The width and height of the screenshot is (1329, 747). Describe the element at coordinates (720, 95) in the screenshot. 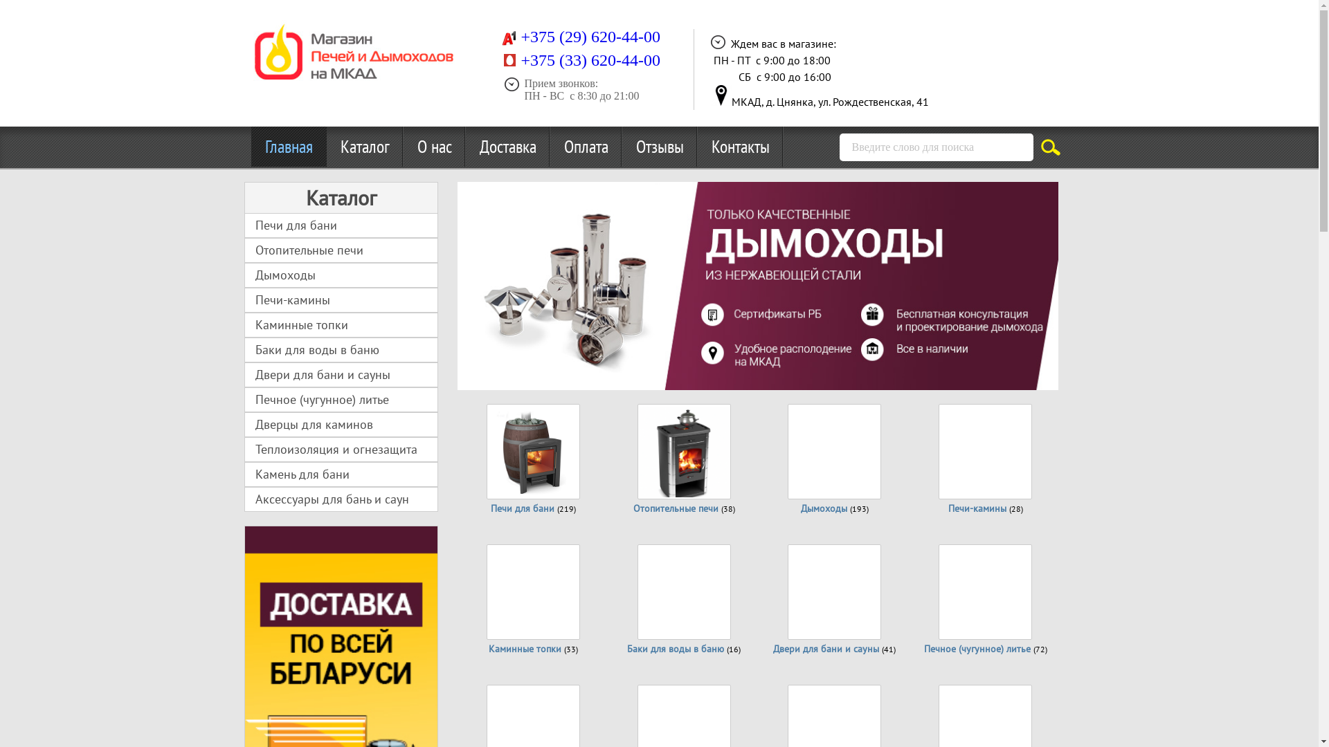

I see `'no-translate-detected_318-27222.jpg'` at that location.